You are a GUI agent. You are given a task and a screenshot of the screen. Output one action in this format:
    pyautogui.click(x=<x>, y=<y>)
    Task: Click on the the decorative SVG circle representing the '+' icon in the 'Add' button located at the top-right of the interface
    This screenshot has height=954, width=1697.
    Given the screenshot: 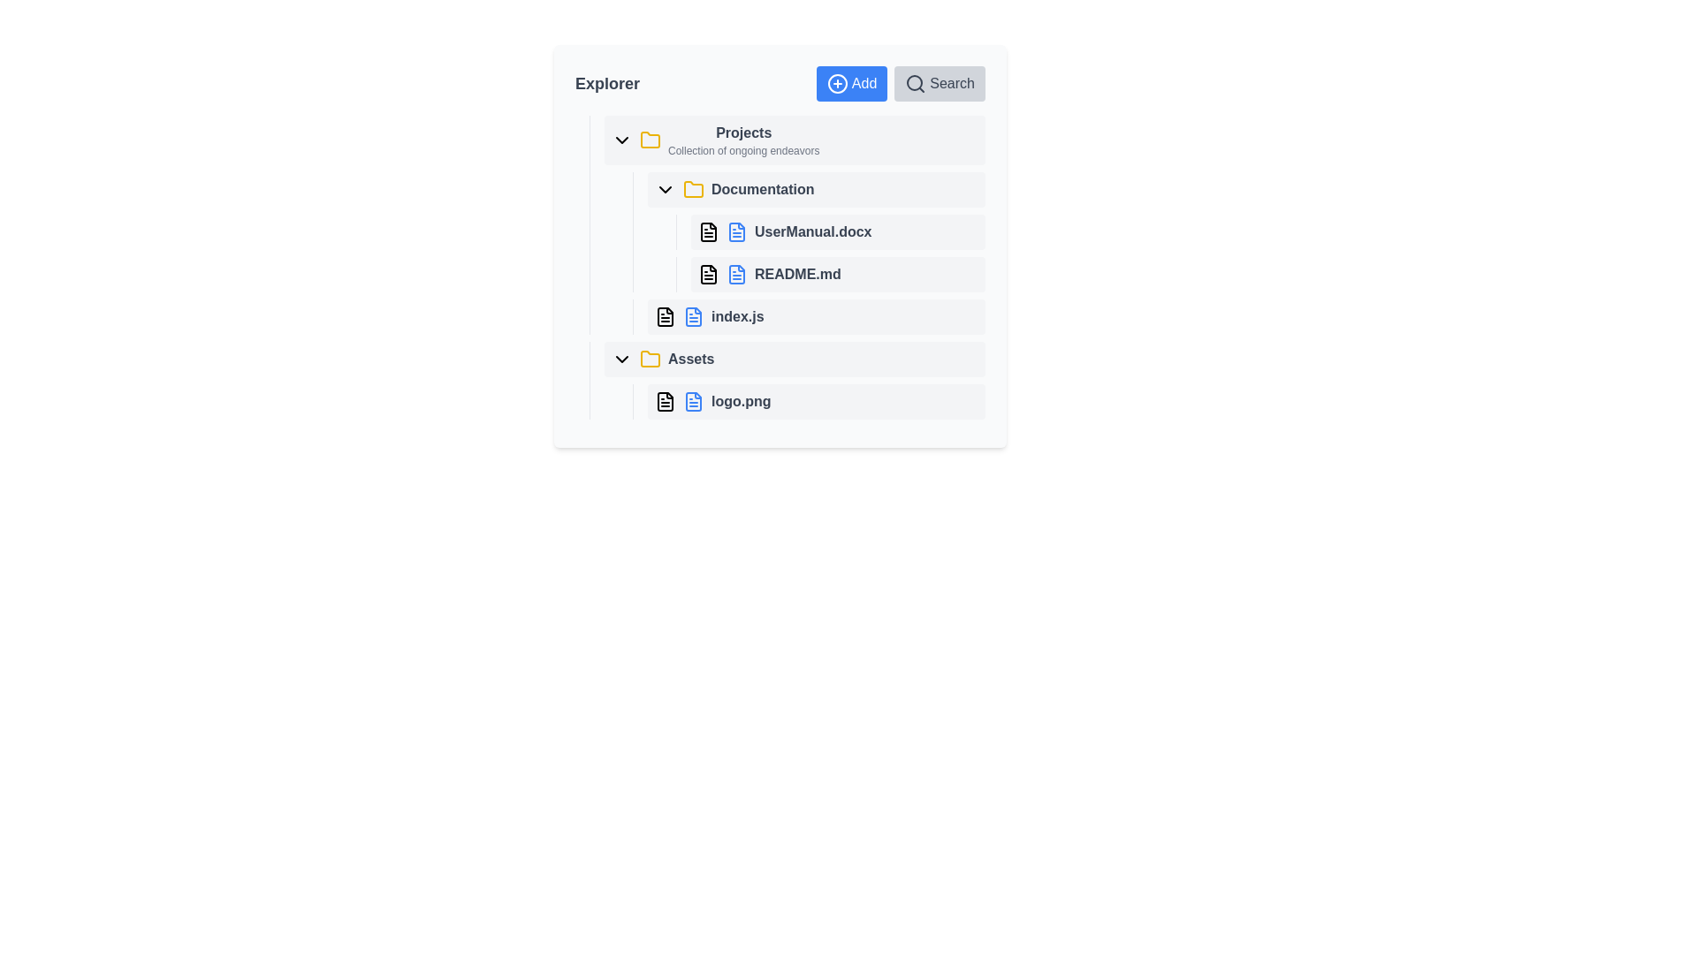 What is the action you would take?
    pyautogui.click(x=836, y=84)
    